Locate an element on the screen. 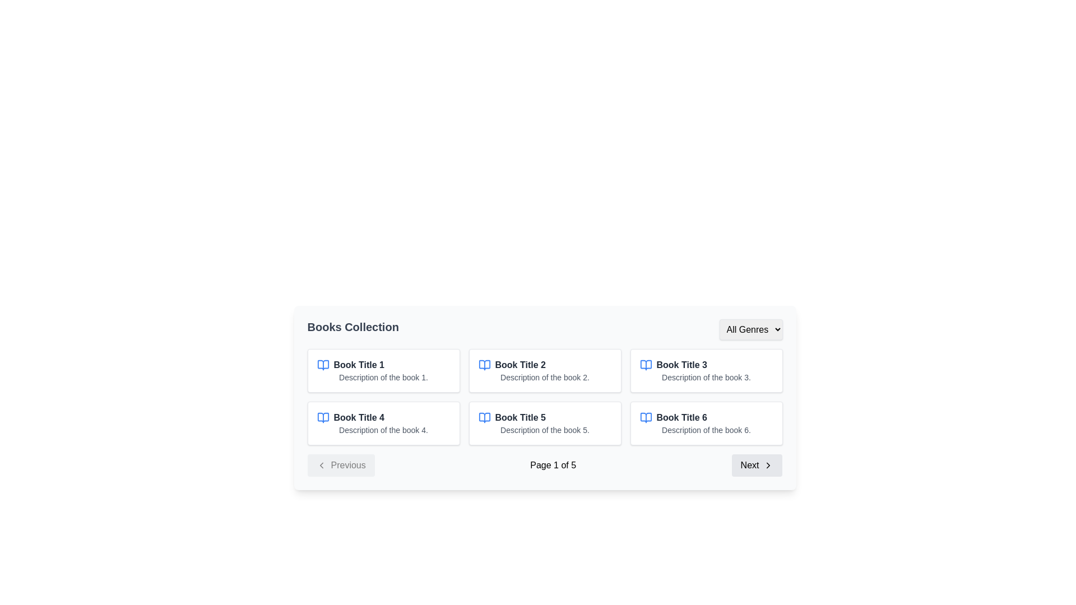 The width and height of the screenshot is (1076, 605). the static text element displaying the pagination information 'Page 1 of 5', which is centrally positioned in the footer navigation section is located at coordinates (553, 465).